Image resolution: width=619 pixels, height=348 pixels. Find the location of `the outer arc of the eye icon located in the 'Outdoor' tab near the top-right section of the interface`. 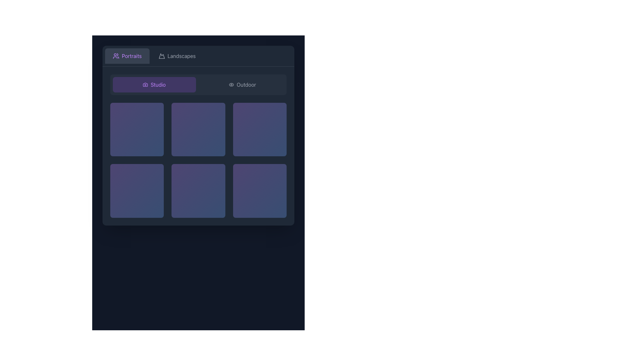

the outer arc of the eye icon located in the 'Outdoor' tab near the top-right section of the interface is located at coordinates (231, 84).